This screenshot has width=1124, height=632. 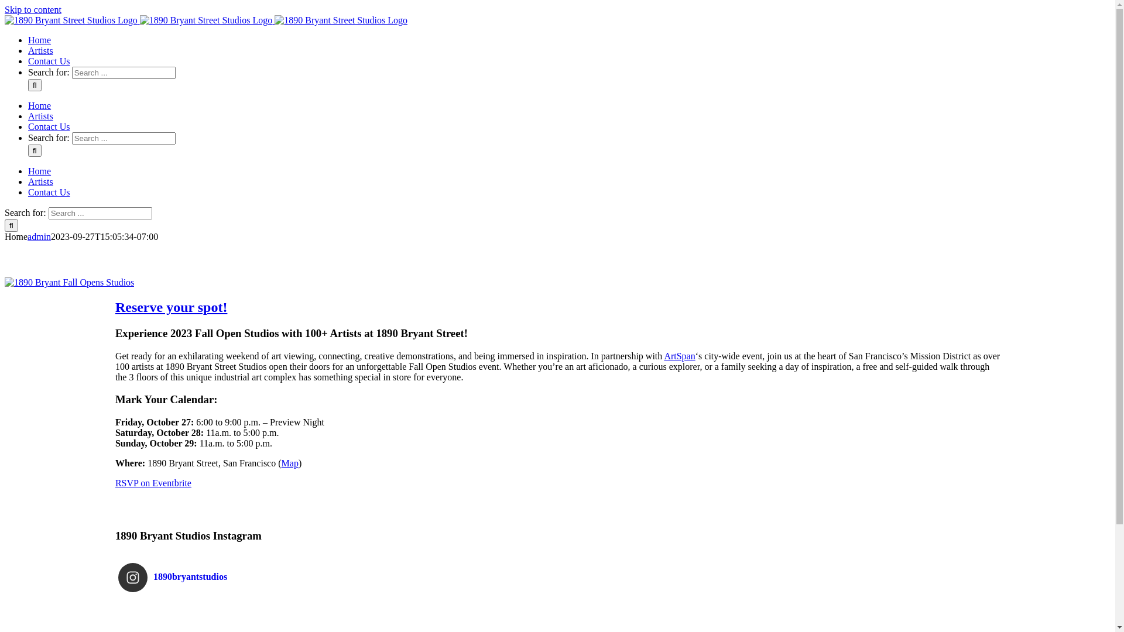 I want to click on 'Artists', so click(x=28, y=116).